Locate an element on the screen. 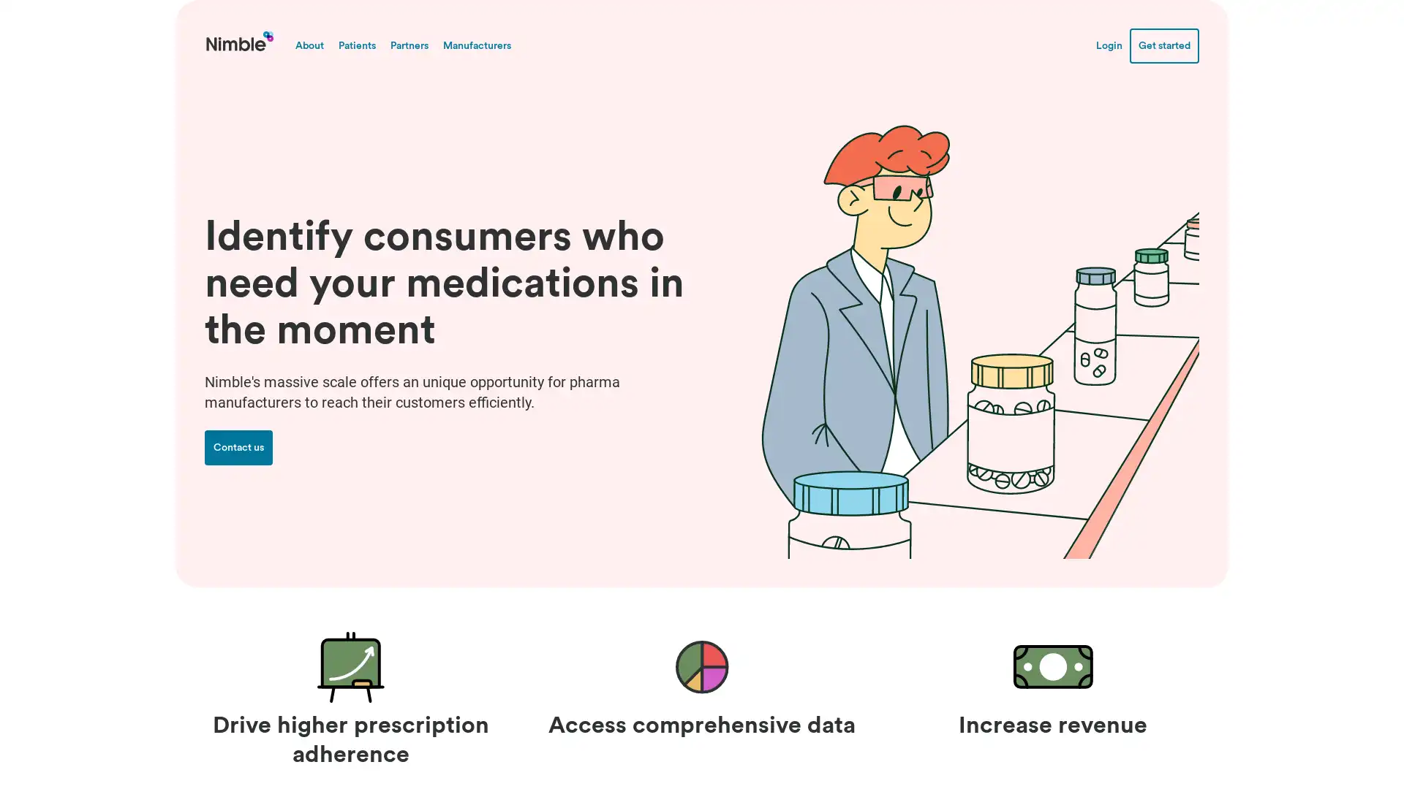  Contact us is located at coordinates (238, 447).